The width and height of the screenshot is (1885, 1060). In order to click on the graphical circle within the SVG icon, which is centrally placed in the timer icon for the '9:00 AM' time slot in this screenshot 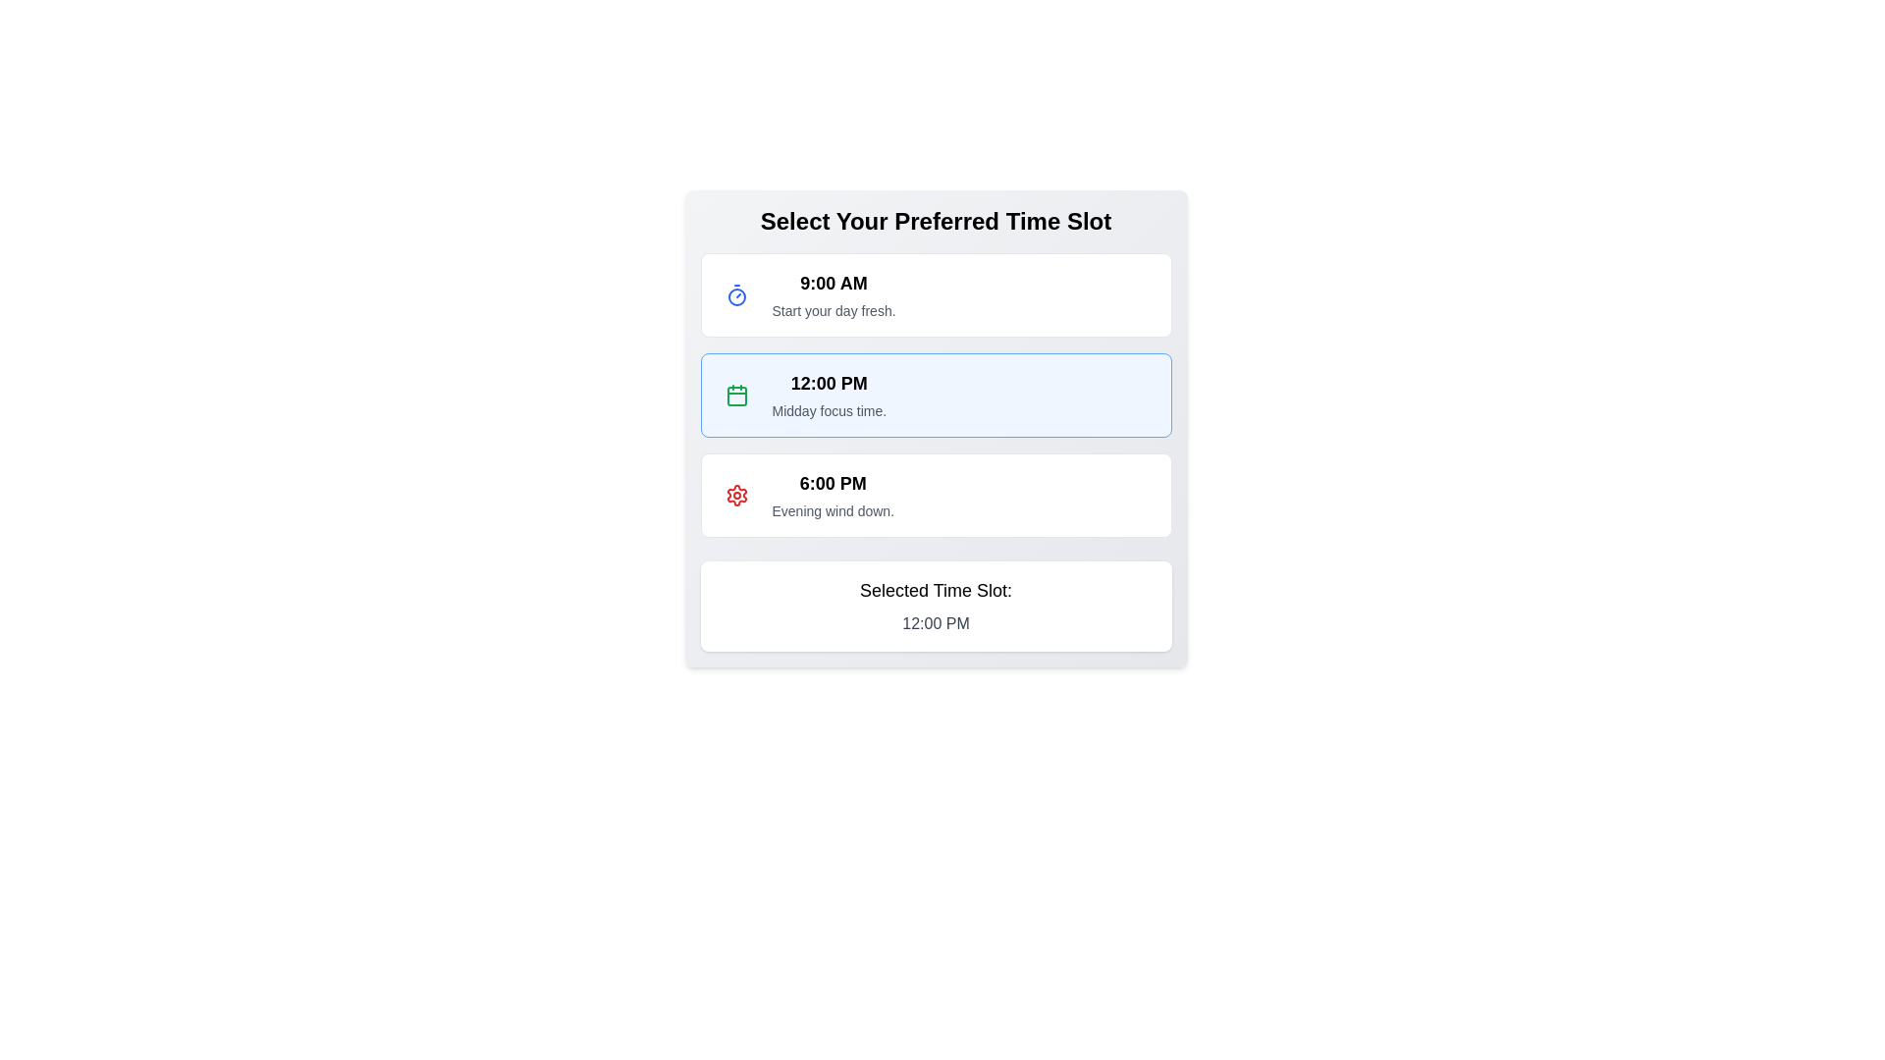, I will do `click(735, 297)`.